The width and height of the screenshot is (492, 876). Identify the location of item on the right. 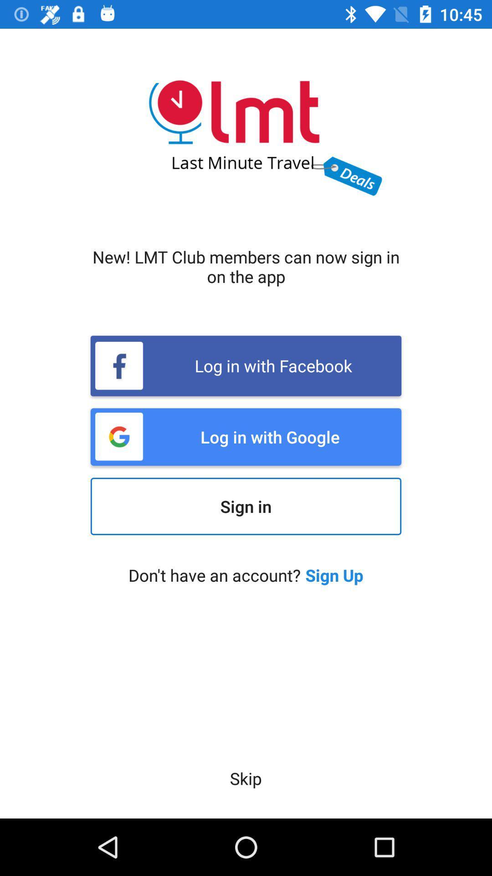
(334, 574).